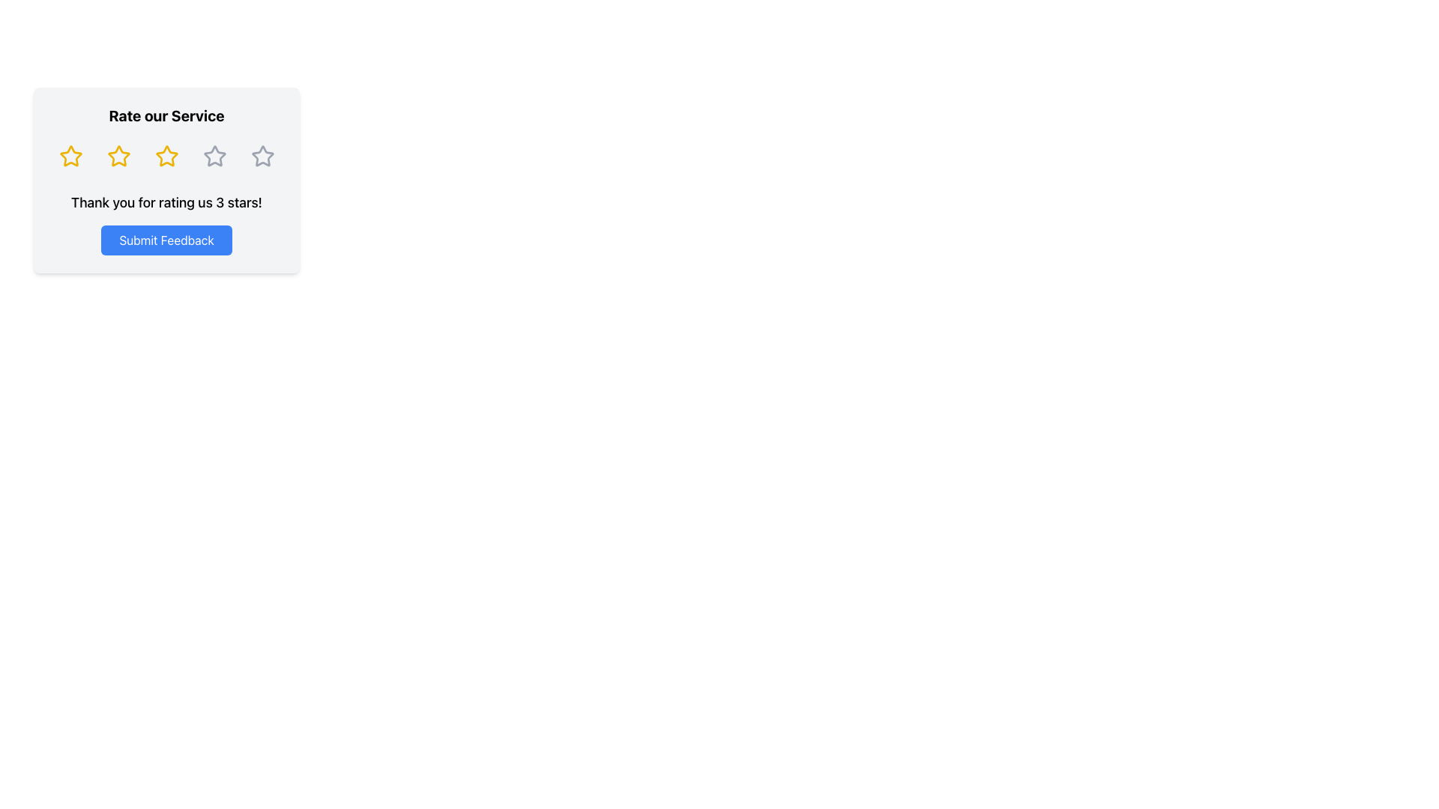 The height and width of the screenshot is (809, 1439). What do you see at coordinates (214, 156) in the screenshot?
I see `the third star icon in the row of five stars, located beneath the 'Rate our Service' heading` at bounding box center [214, 156].